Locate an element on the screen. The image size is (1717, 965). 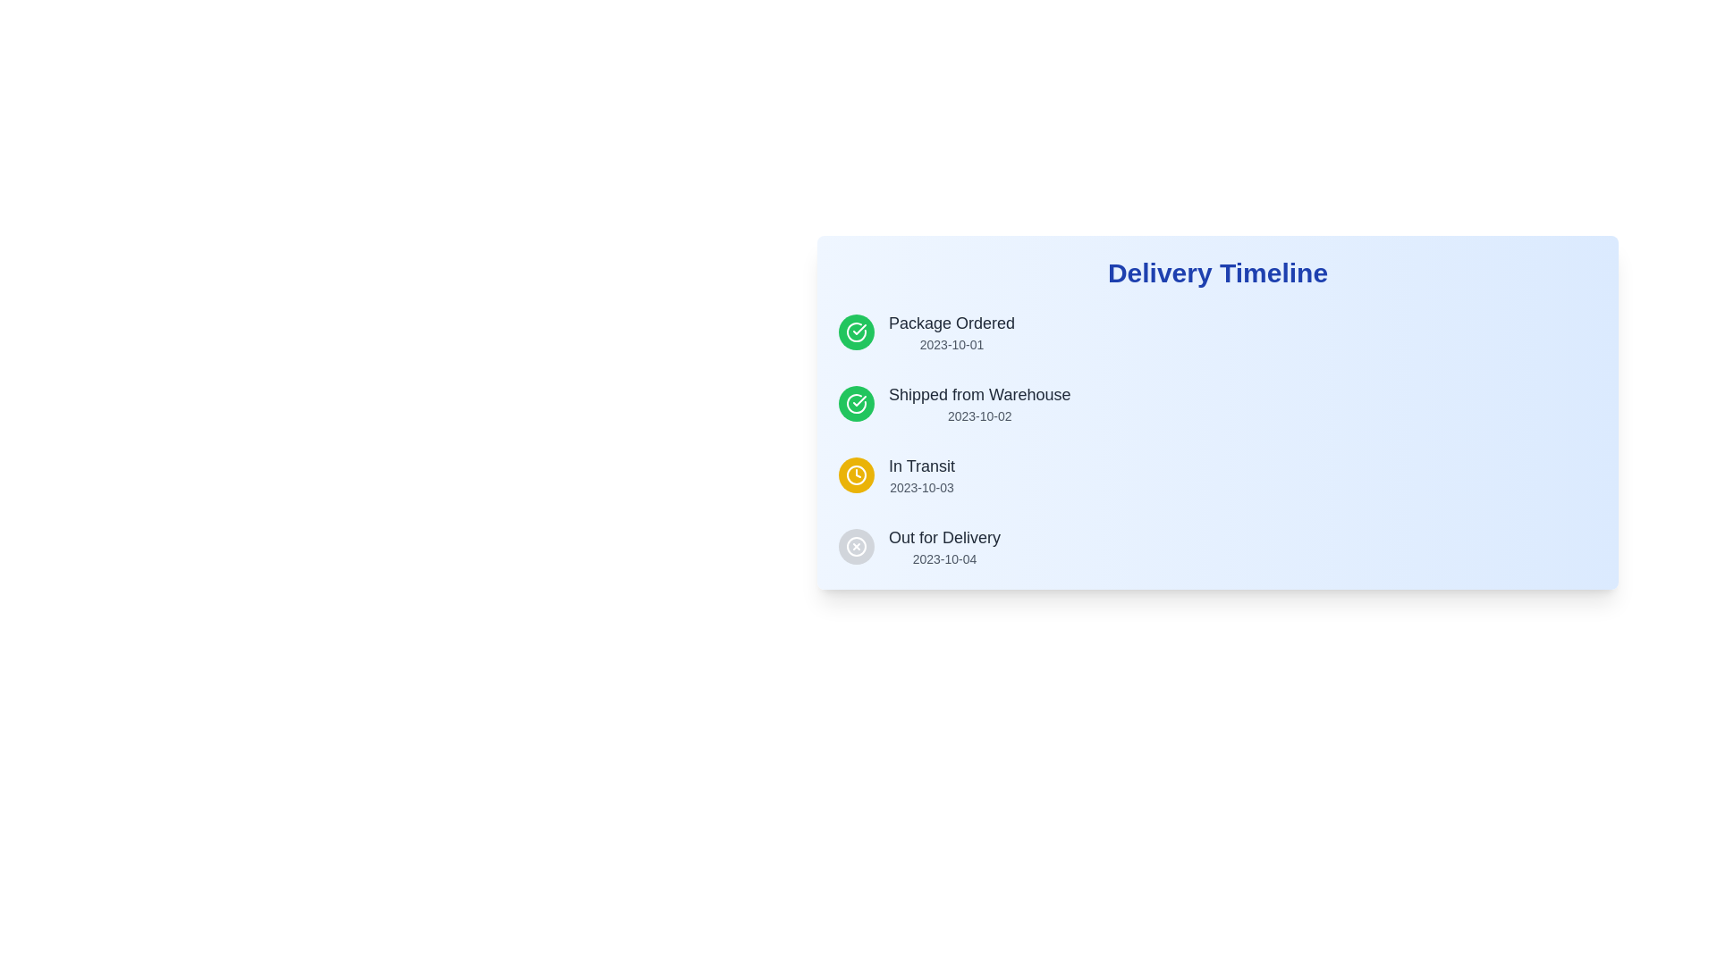
text label displaying 'In Transit' which is located in the third row of the delivery timeline interface, positioned below the clock icon and above the date '2023-10-03' is located at coordinates (922, 465).